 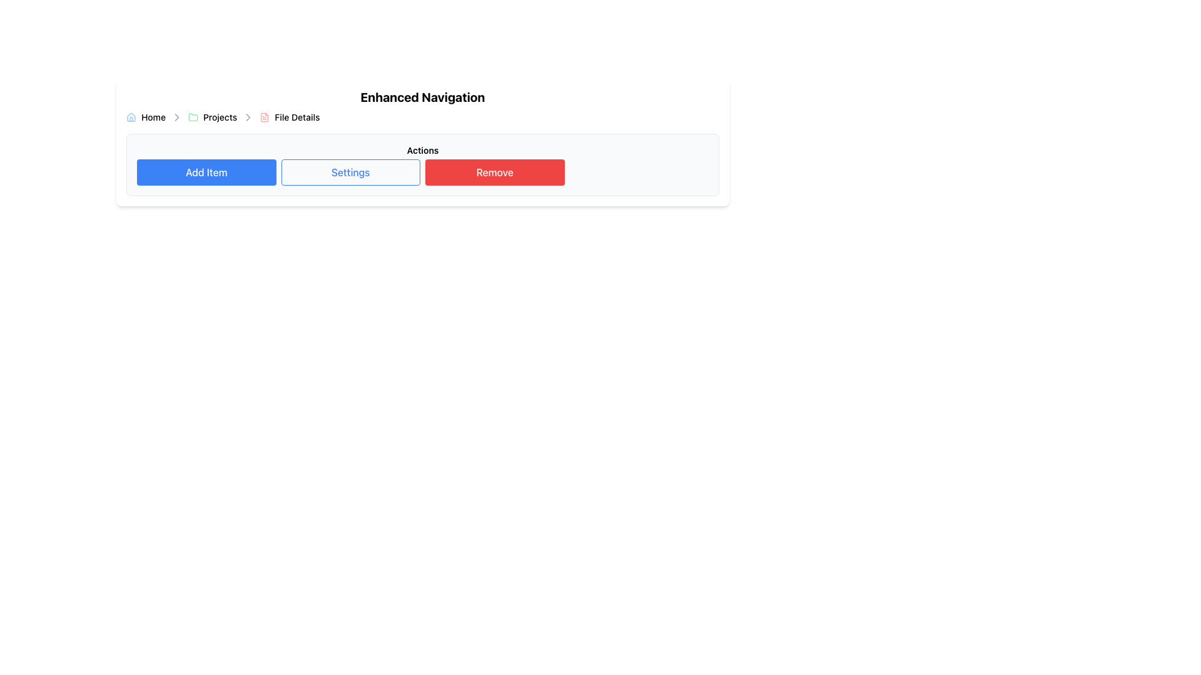 What do you see at coordinates (494, 172) in the screenshot?
I see `the delete button located at the far right of the 'Actions' section to observe the hover effect` at bounding box center [494, 172].